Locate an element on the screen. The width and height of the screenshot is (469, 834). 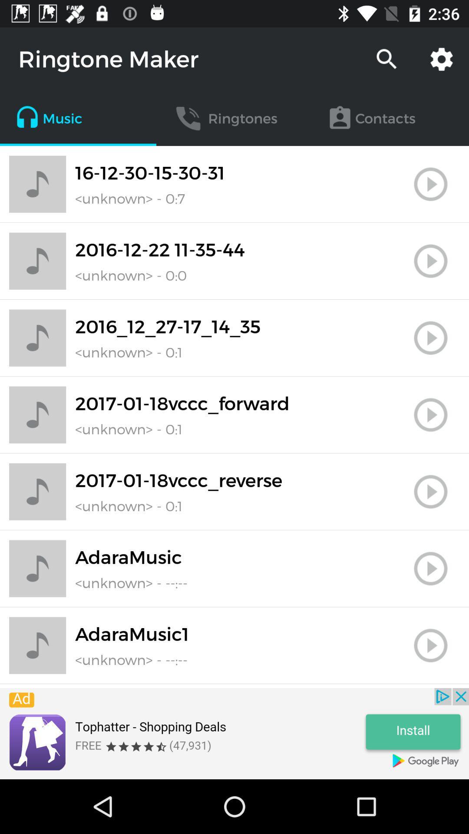
switch play button is located at coordinates (430, 338).